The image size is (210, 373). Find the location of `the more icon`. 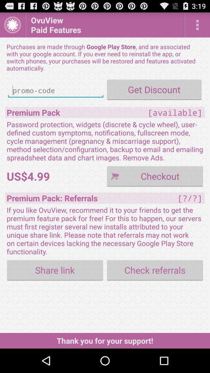

the more icon is located at coordinates (197, 26).